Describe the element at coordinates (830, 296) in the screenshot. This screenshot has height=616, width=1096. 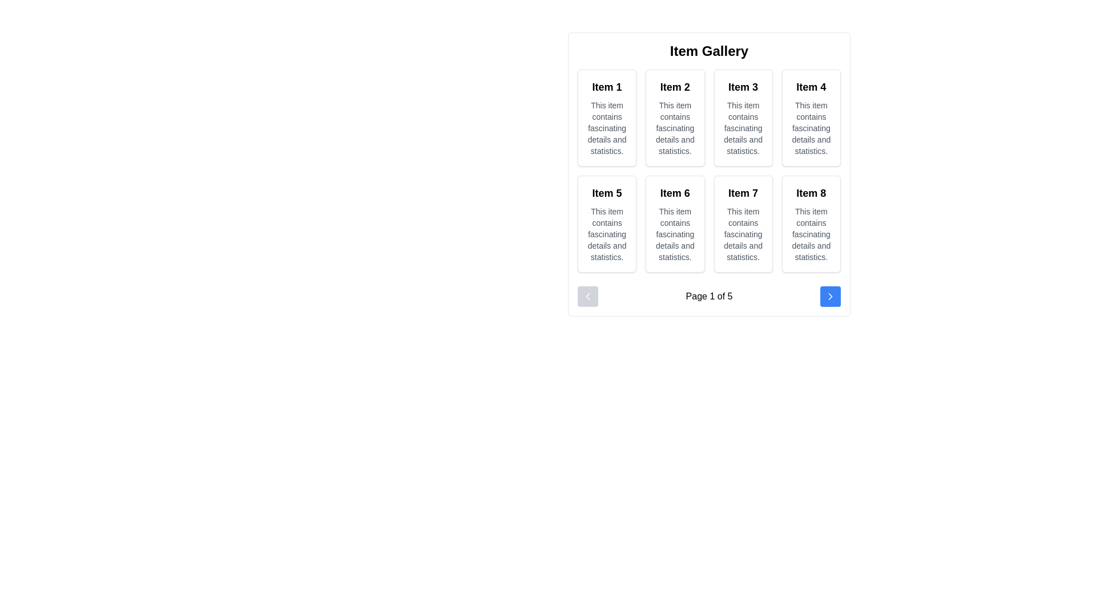
I see `the 'Next Page' button located at the bottom-right corner of the pagination control` at that location.